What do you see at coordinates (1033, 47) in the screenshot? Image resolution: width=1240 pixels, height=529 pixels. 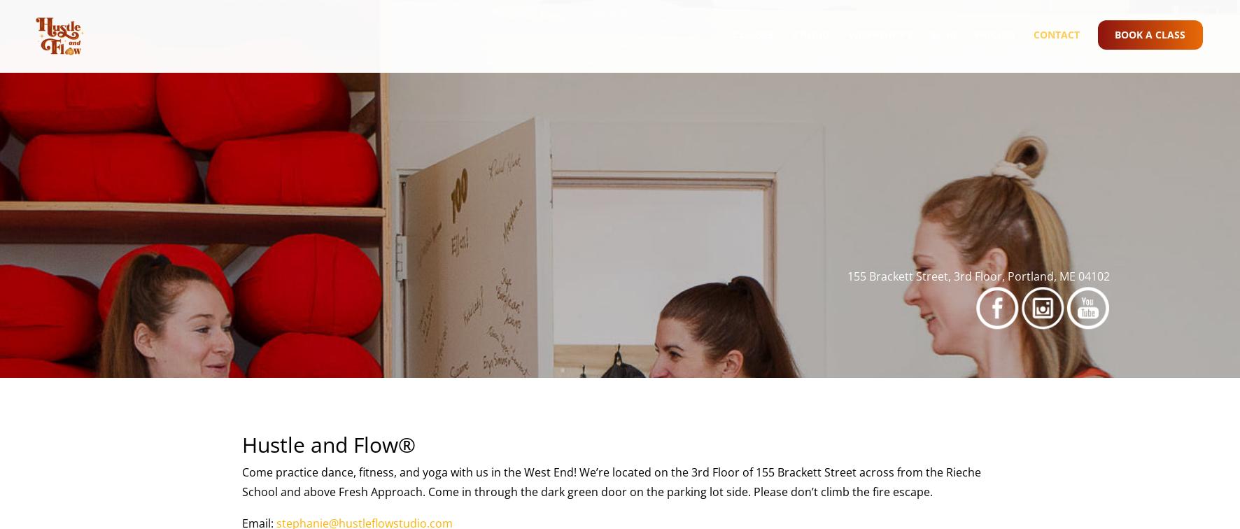 I see `'Contact'` at bounding box center [1033, 47].